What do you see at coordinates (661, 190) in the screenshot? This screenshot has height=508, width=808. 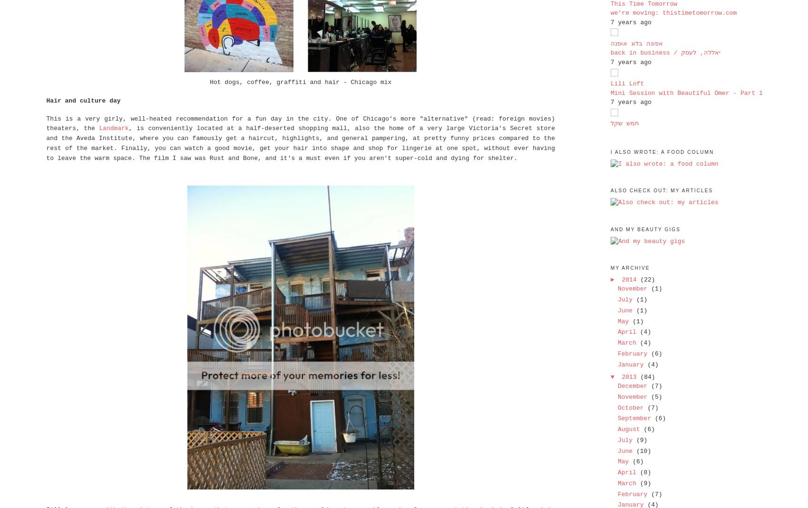 I see `'Also check out: my articles'` at bounding box center [661, 190].